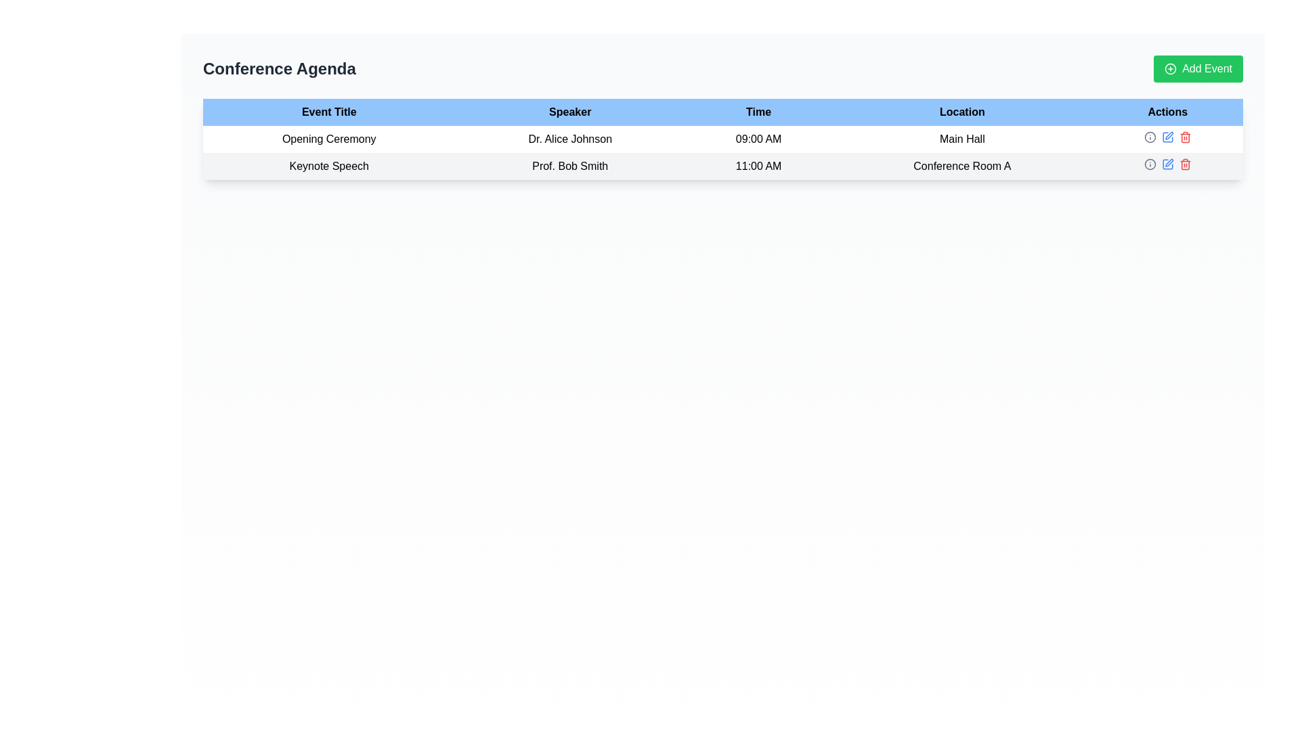  I want to click on the static text element displaying 'Prof. Bob Smith', which is centrally aligned in the second row under the 'Speaker' column of a table, so click(570, 166).